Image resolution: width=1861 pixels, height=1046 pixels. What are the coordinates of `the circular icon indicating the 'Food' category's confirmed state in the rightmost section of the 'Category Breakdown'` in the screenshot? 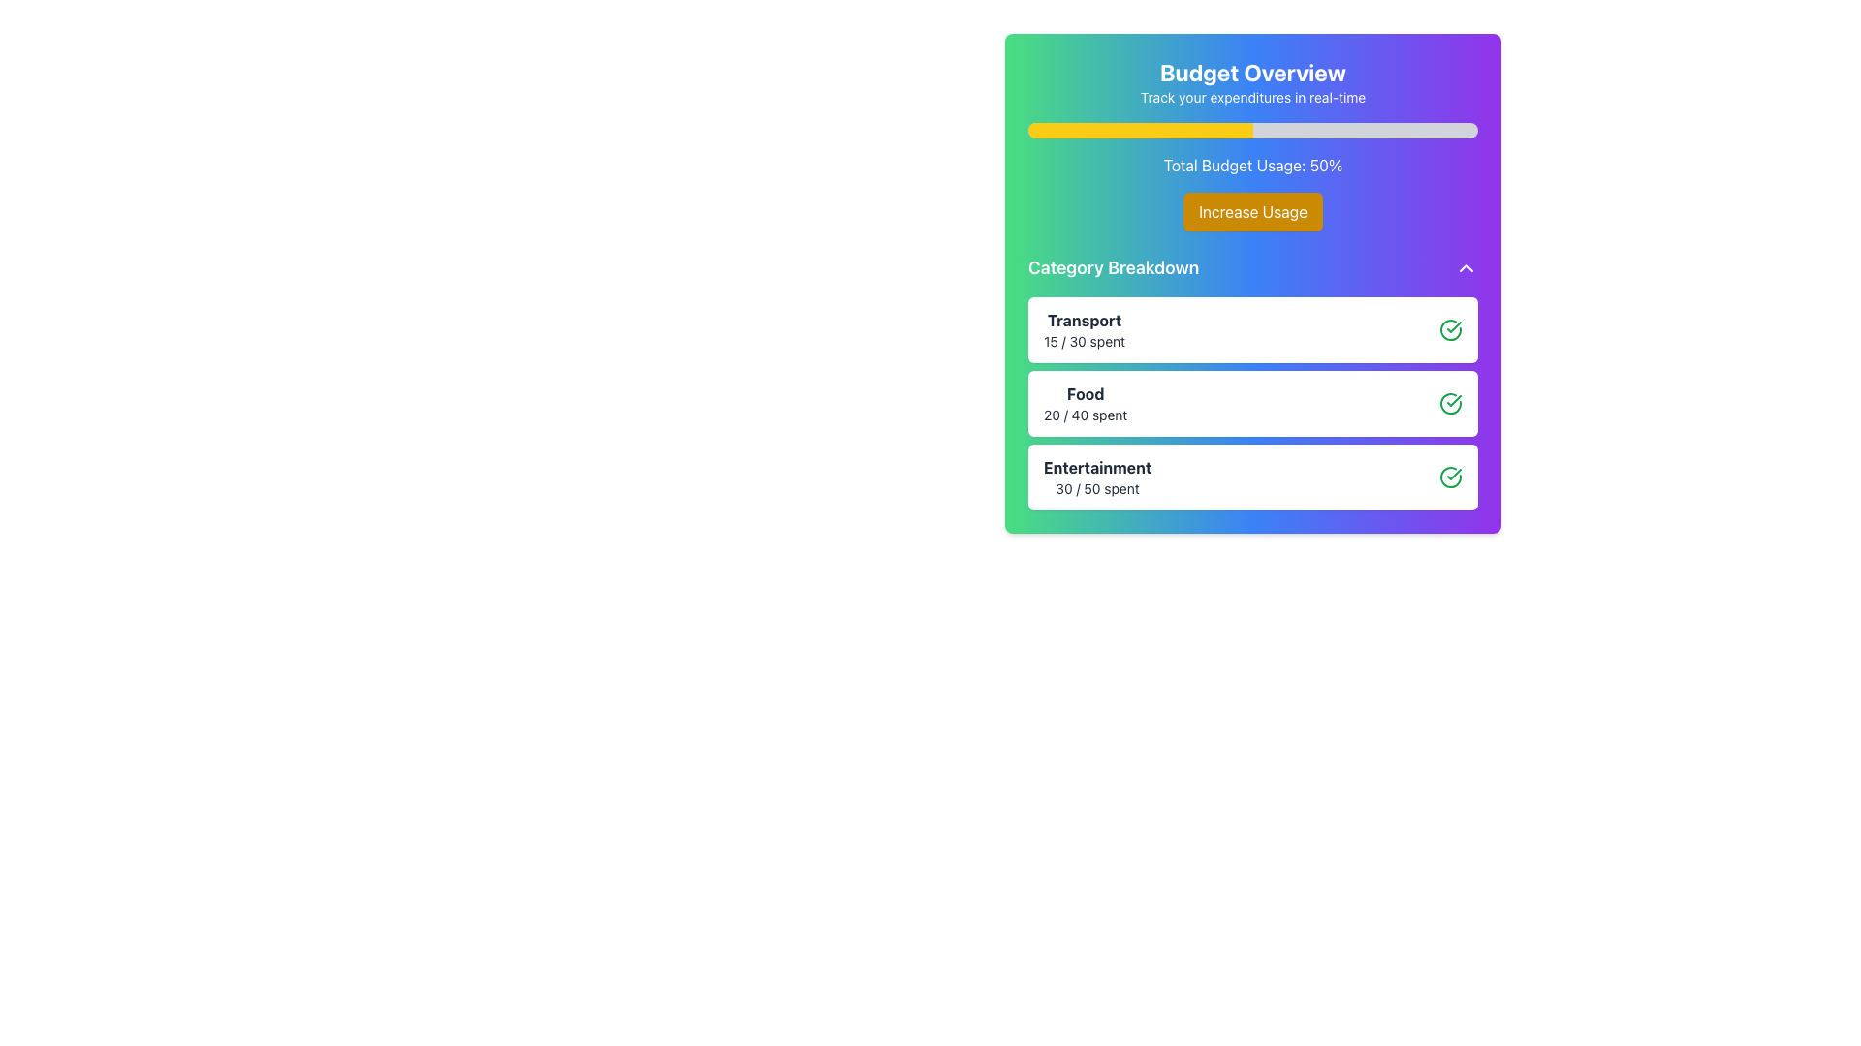 It's located at (1454, 326).